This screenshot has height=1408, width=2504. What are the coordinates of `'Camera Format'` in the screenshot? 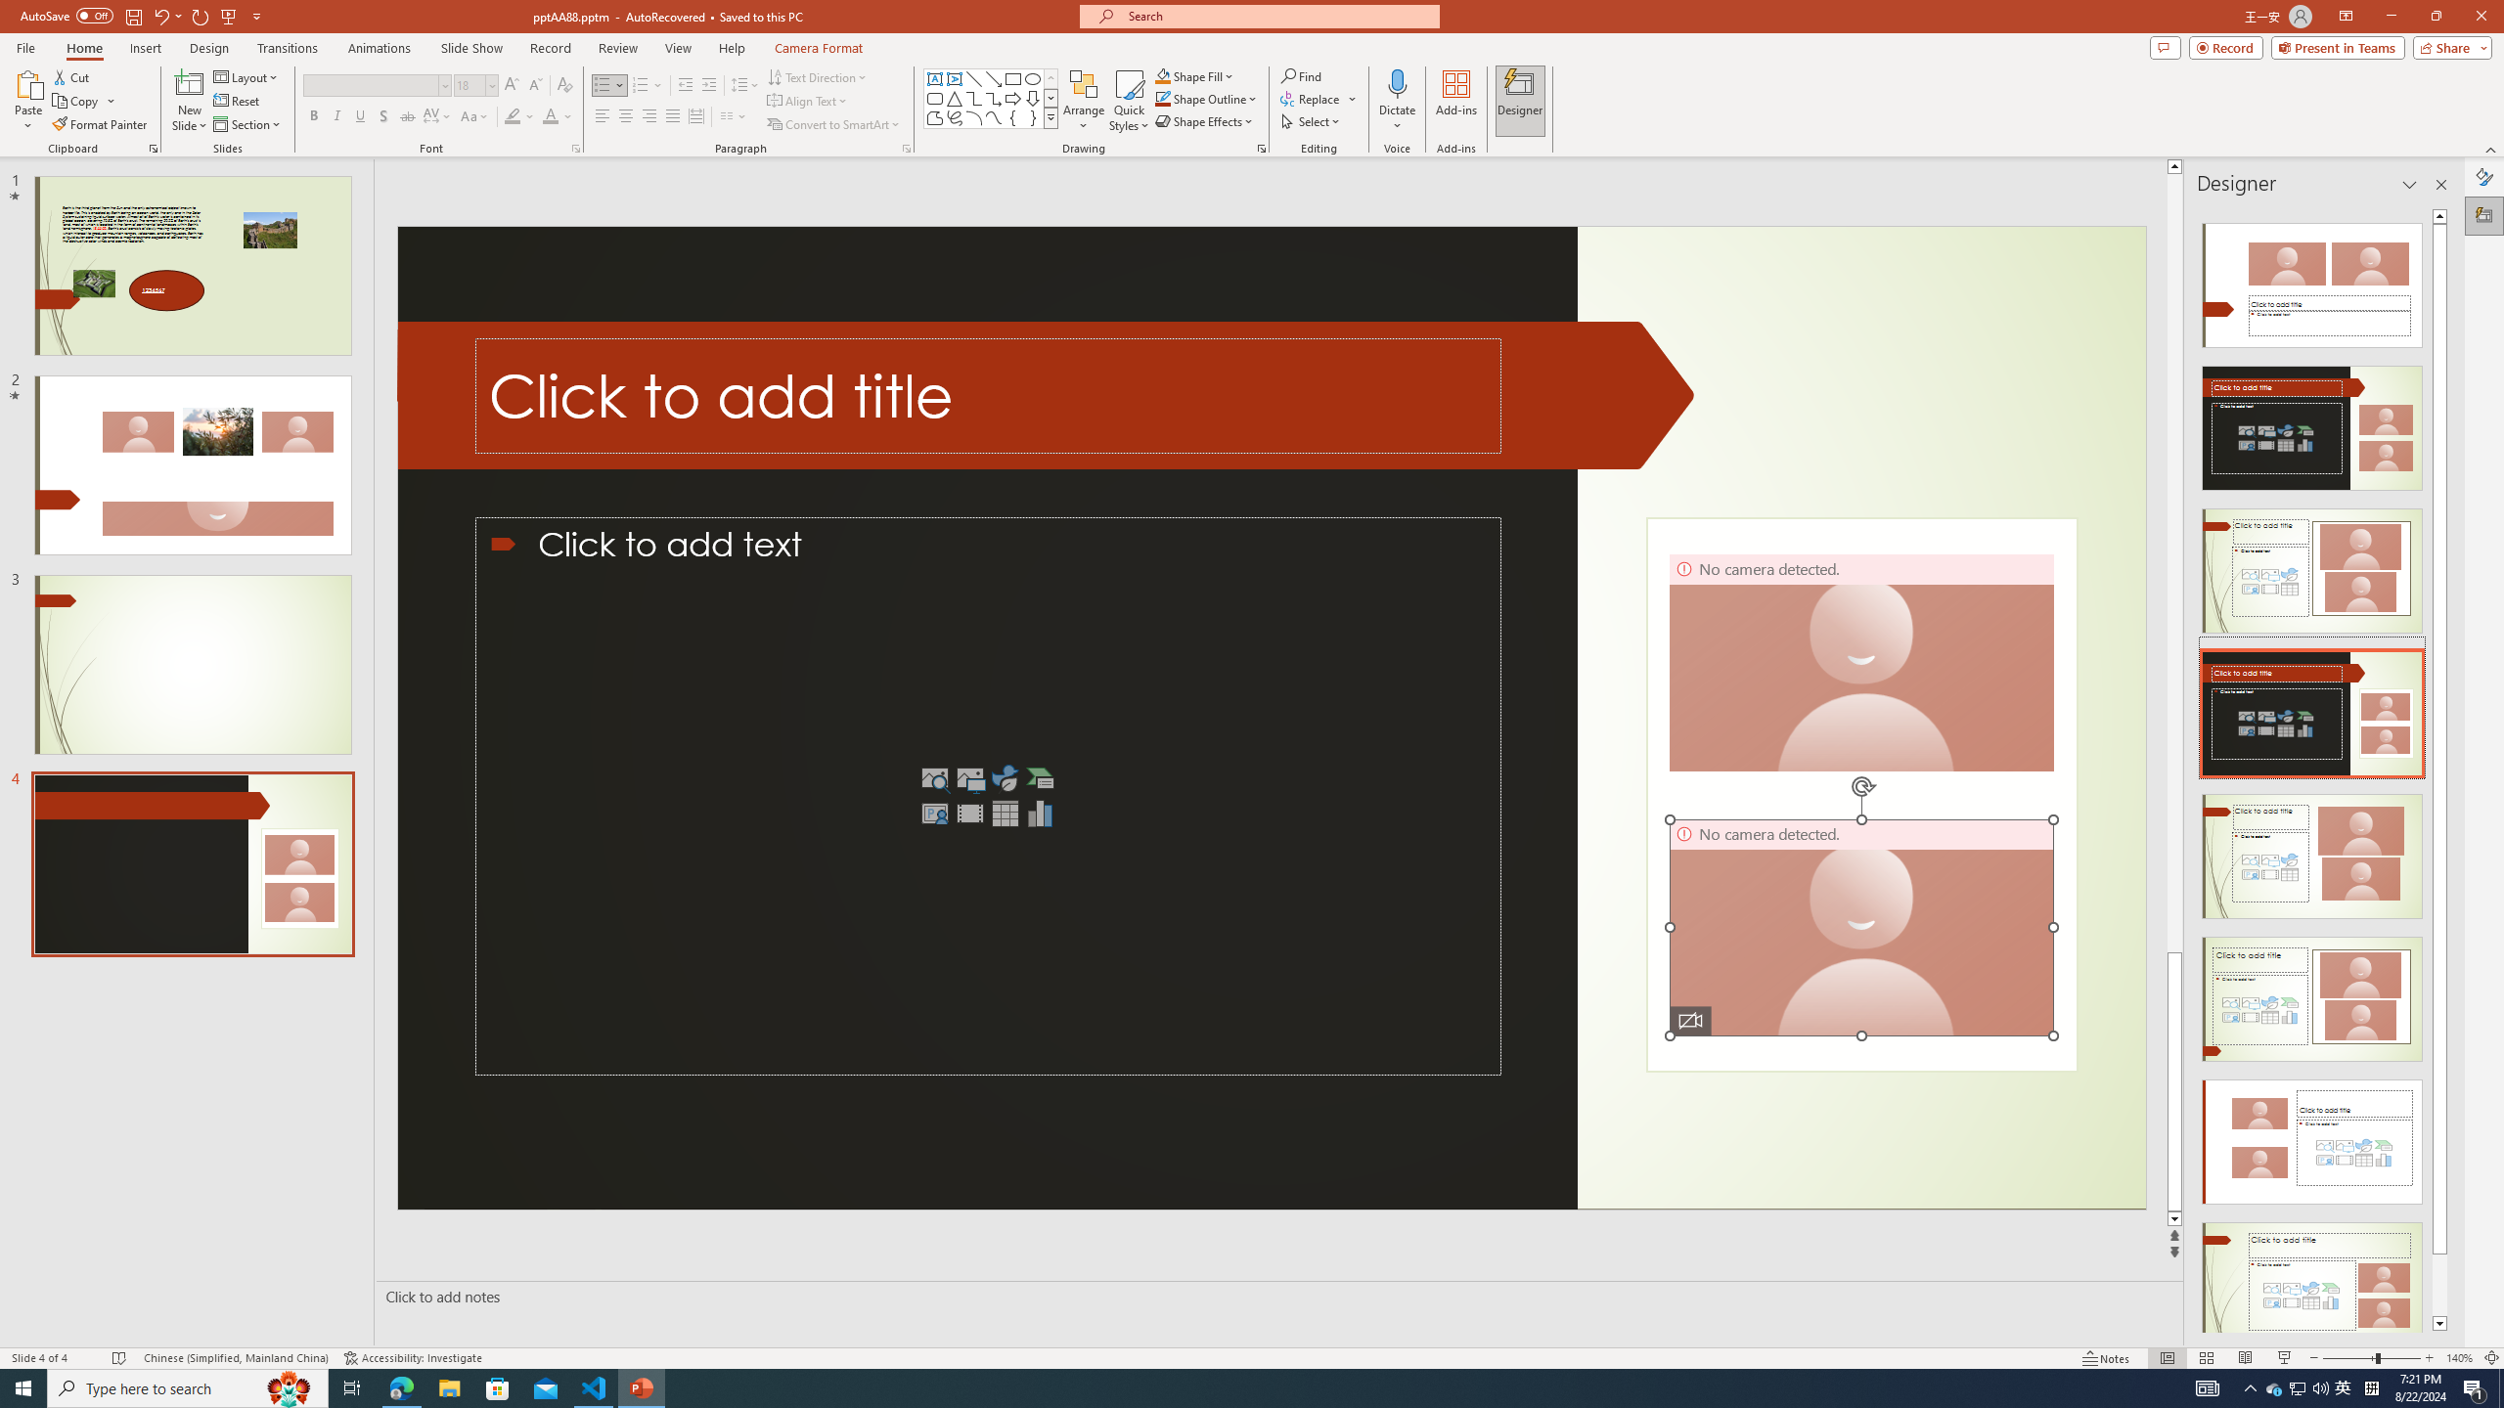 It's located at (818, 48).